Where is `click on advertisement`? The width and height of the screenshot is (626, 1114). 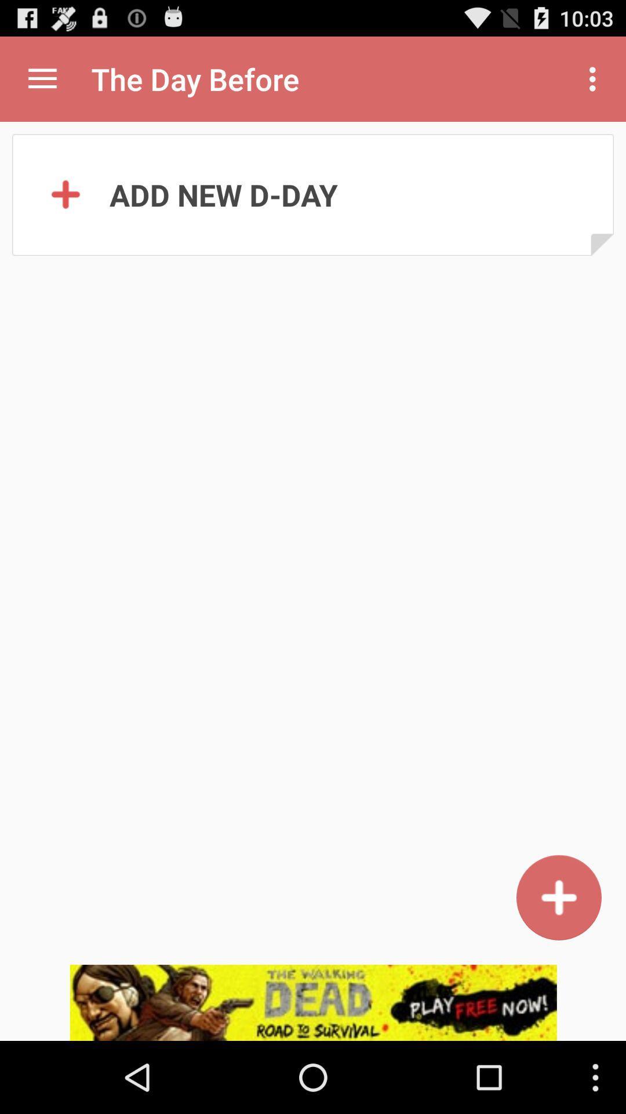
click on advertisement is located at coordinates (313, 1002).